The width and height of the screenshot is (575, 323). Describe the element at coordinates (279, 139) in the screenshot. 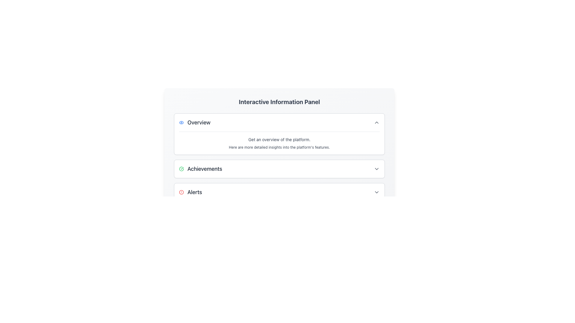

I see `the introductory text element located directly beneath the 'Overview' section header in the 'Interactive Information Panel'` at that location.